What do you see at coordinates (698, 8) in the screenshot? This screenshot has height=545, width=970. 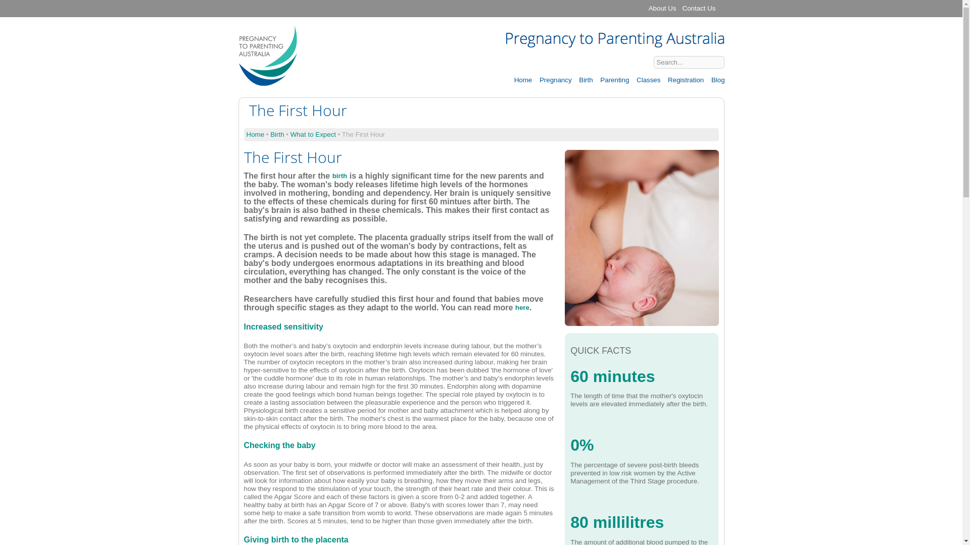 I see `'Contact Us'` at bounding box center [698, 8].